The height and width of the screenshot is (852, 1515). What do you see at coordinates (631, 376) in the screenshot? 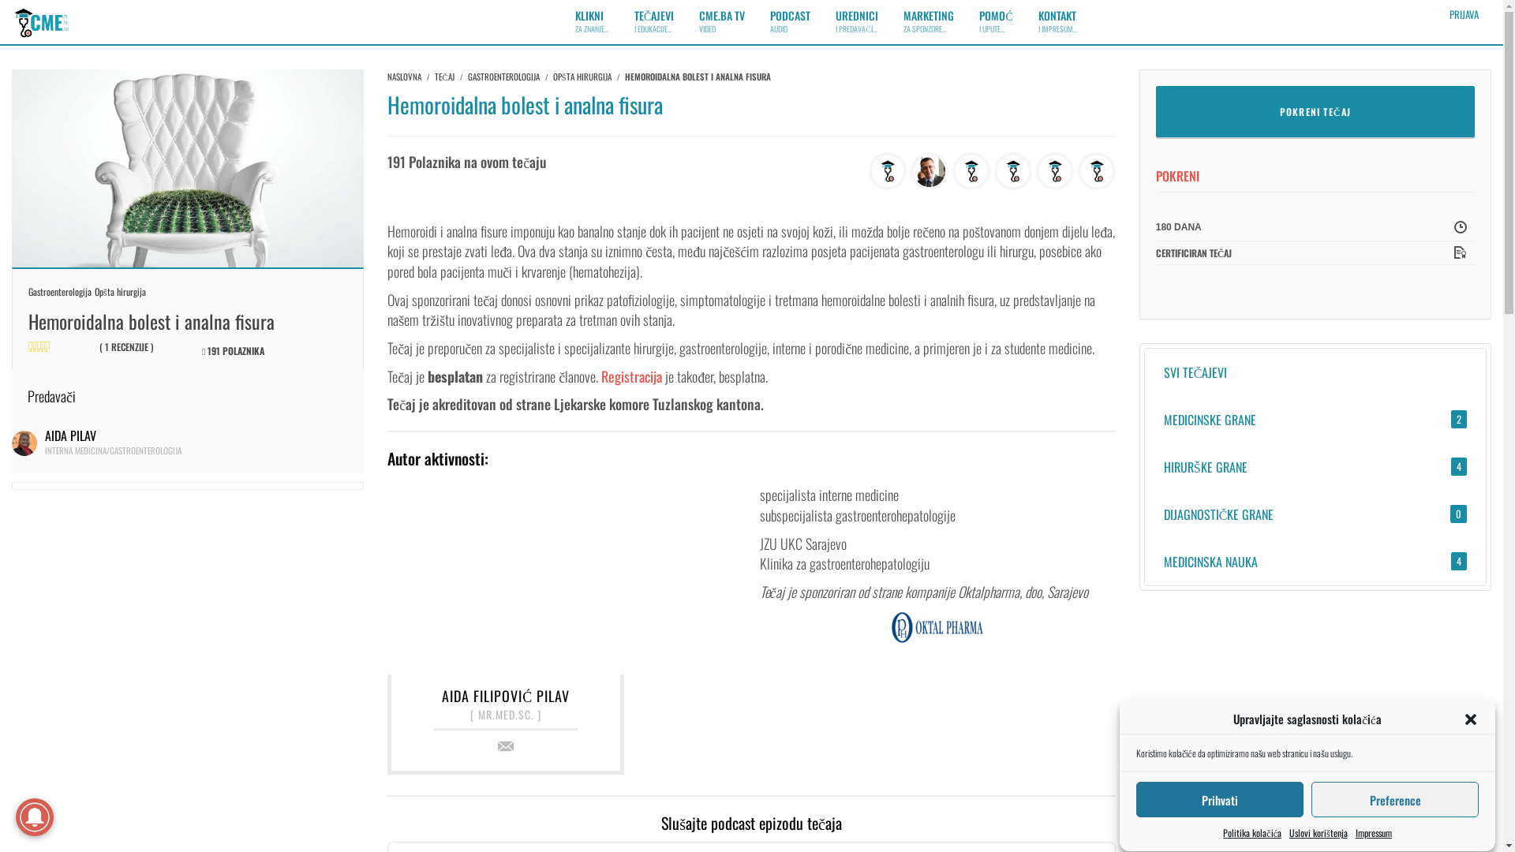
I see `'Registracija'` at bounding box center [631, 376].